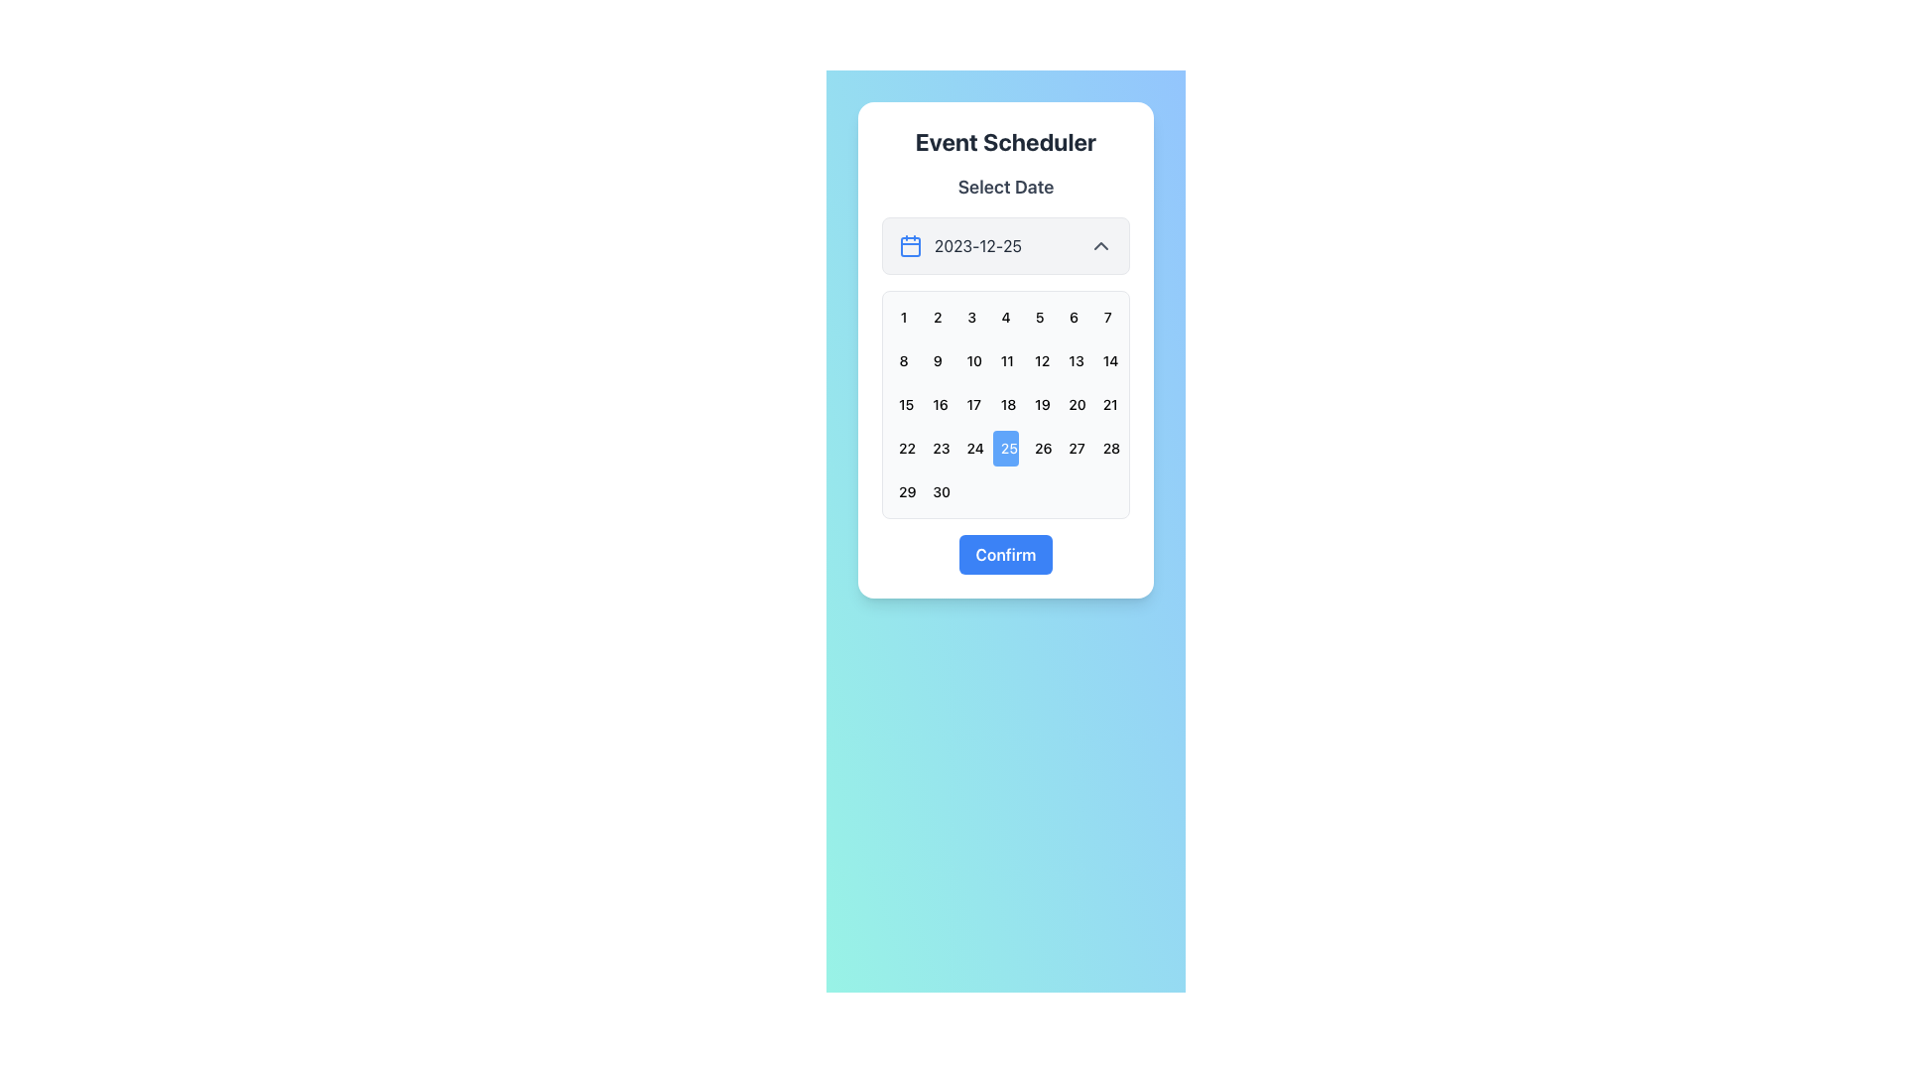 The image size is (1905, 1072). Describe the element at coordinates (903, 317) in the screenshot. I see `the small, rounded button containing the numeric text '1' in the top-left corner of the calendar-like grid` at that location.